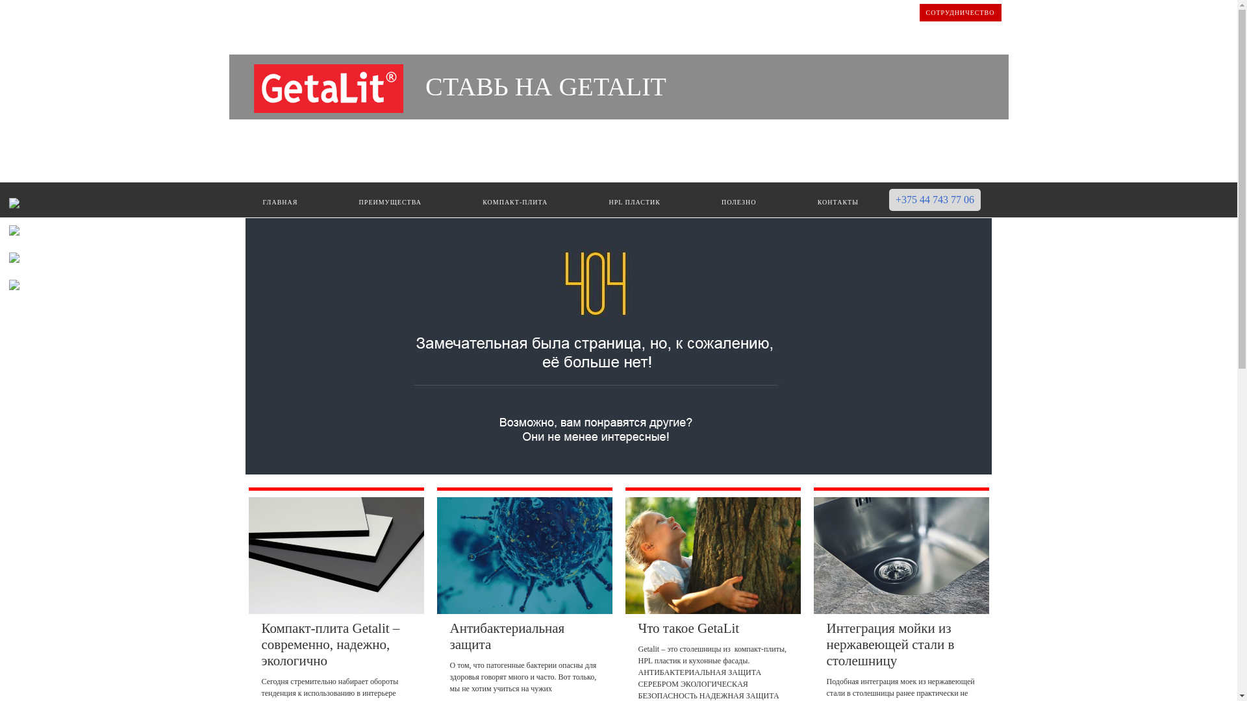  Describe the element at coordinates (934, 200) in the screenshot. I see `'+375 44 743 77 06'` at that location.